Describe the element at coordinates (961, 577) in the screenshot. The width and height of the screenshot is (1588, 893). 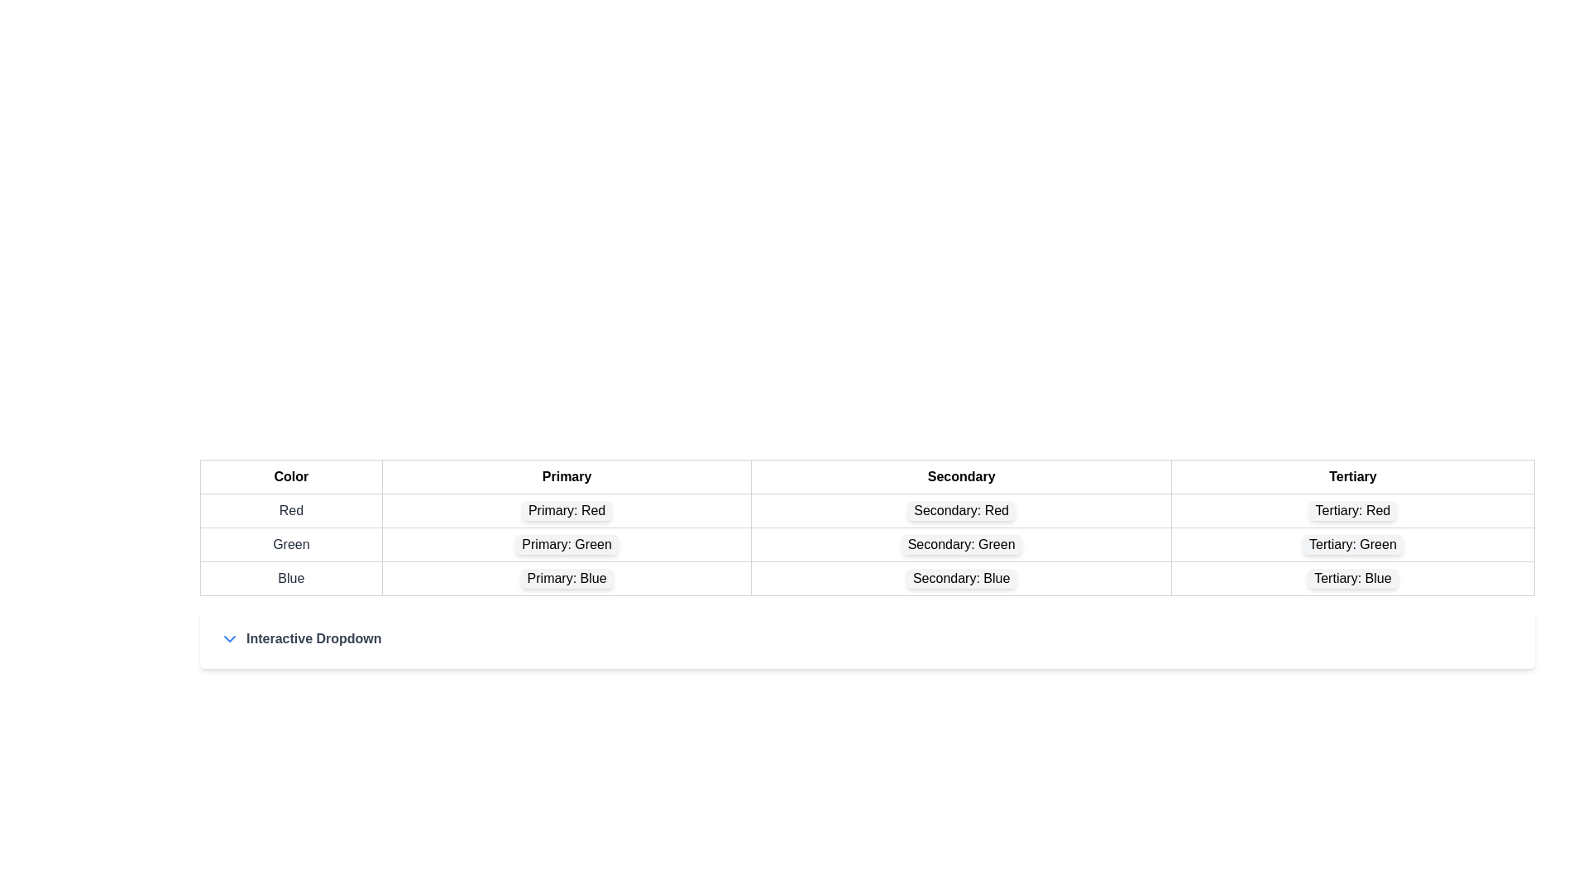
I see `the 'Secondary Color' display element labeled 'Blue', which is positioned between the 'Primary: Blue' button and the 'Tertiary: Blue' button` at that location.